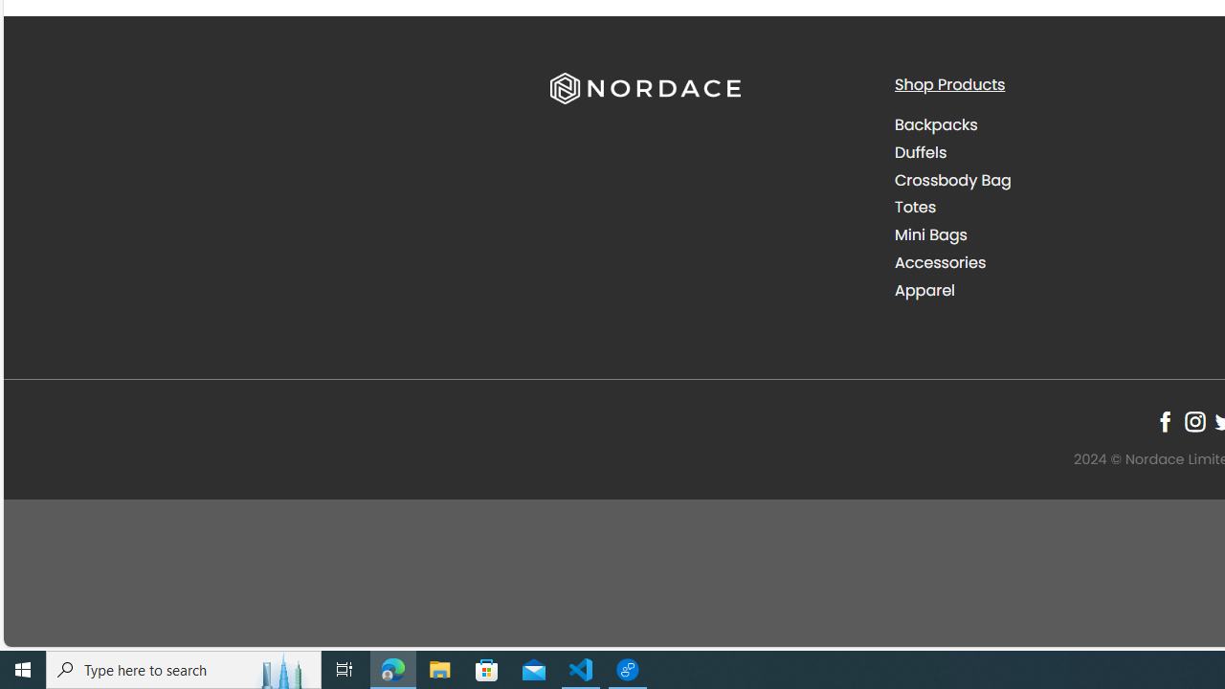  What do you see at coordinates (914, 208) in the screenshot?
I see `'Totes'` at bounding box center [914, 208].